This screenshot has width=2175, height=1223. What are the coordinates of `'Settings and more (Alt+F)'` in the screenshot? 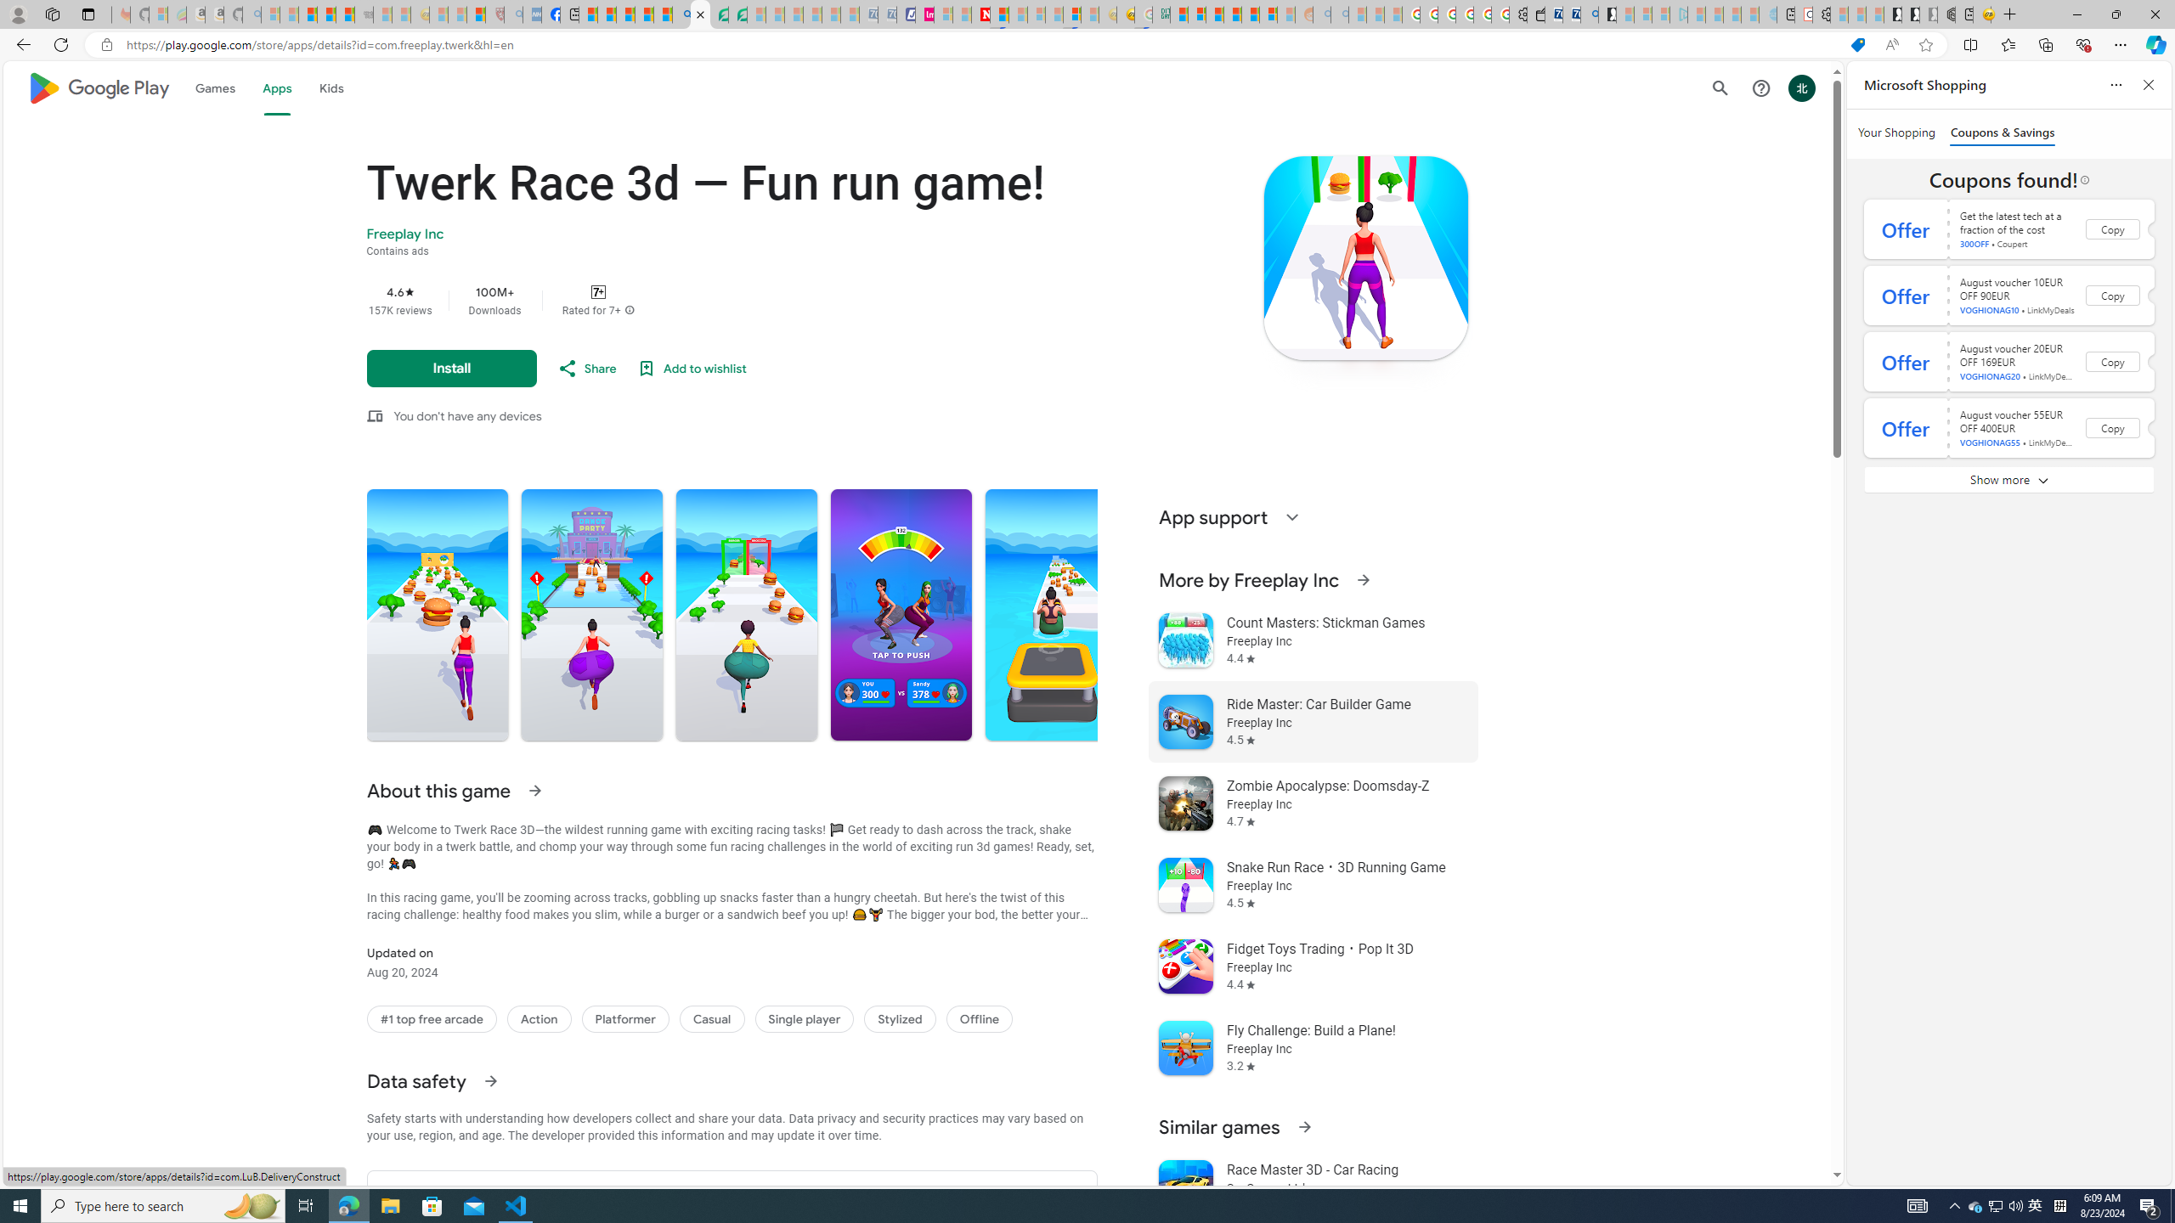 It's located at (2120, 43).